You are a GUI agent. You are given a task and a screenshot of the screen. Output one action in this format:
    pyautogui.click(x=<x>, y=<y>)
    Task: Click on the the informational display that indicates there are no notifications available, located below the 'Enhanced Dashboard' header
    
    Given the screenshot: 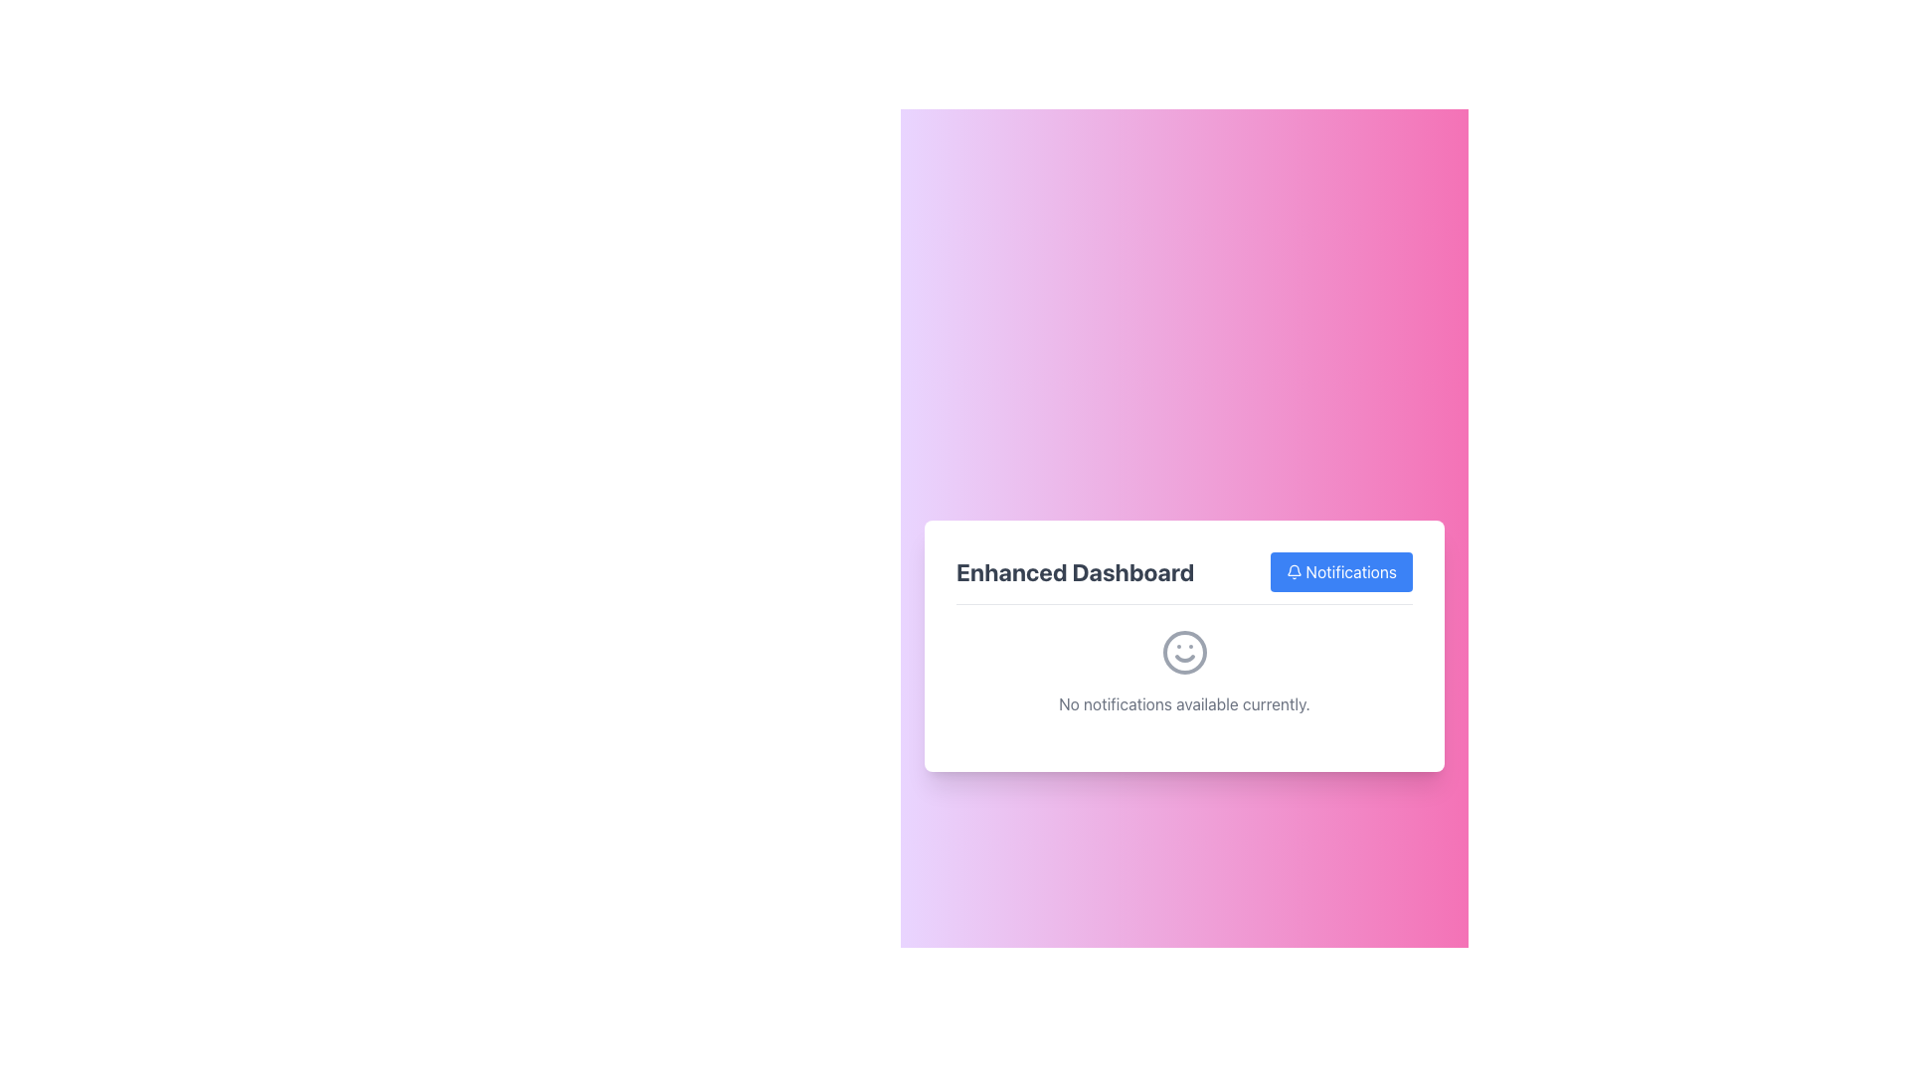 What is the action you would take?
    pyautogui.click(x=1184, y=683)
    